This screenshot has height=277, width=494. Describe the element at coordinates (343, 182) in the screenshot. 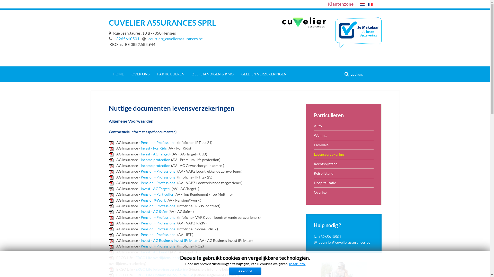

I see `'Hospitalisatie'` at that location.